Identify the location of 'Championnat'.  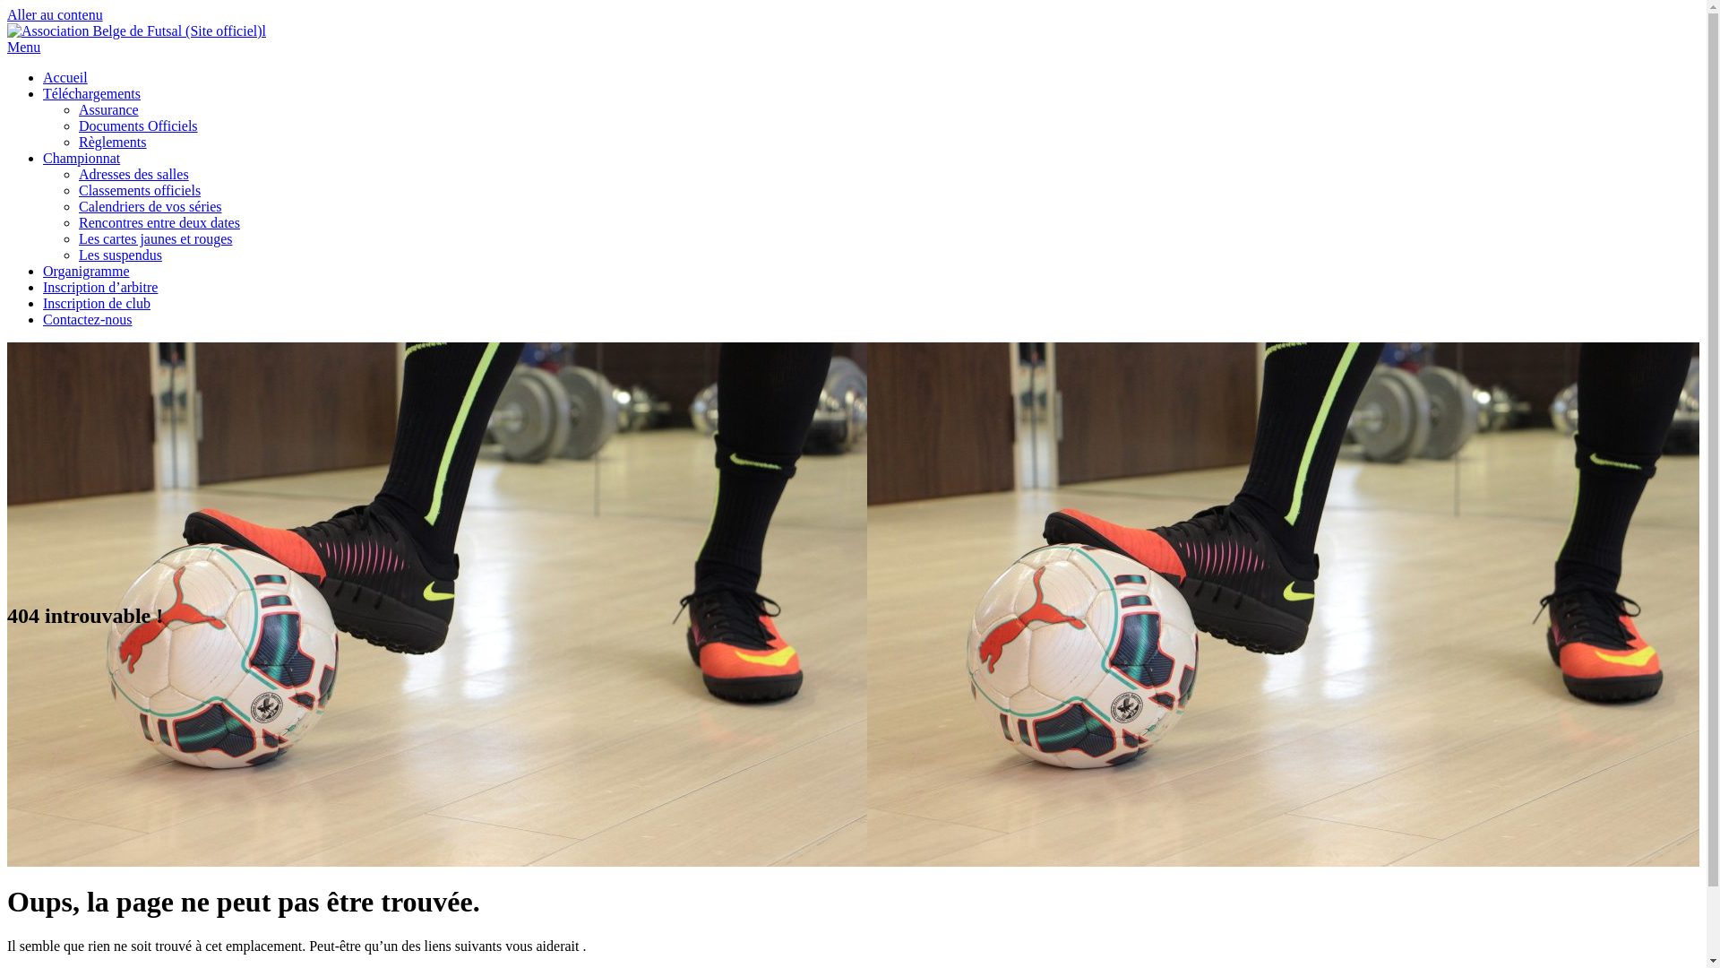
(81, 157).